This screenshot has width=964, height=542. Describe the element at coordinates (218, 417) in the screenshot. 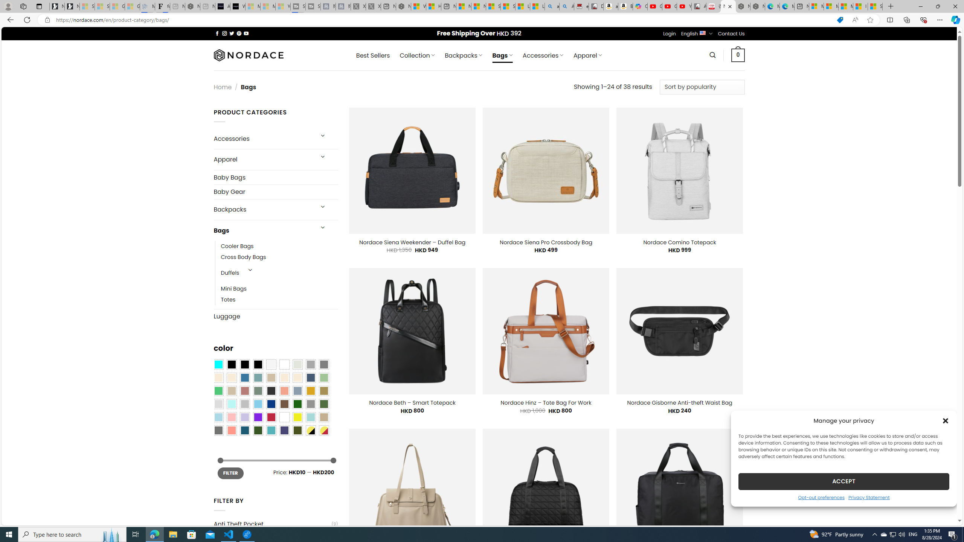

I see `'Light Blue'` at that location.